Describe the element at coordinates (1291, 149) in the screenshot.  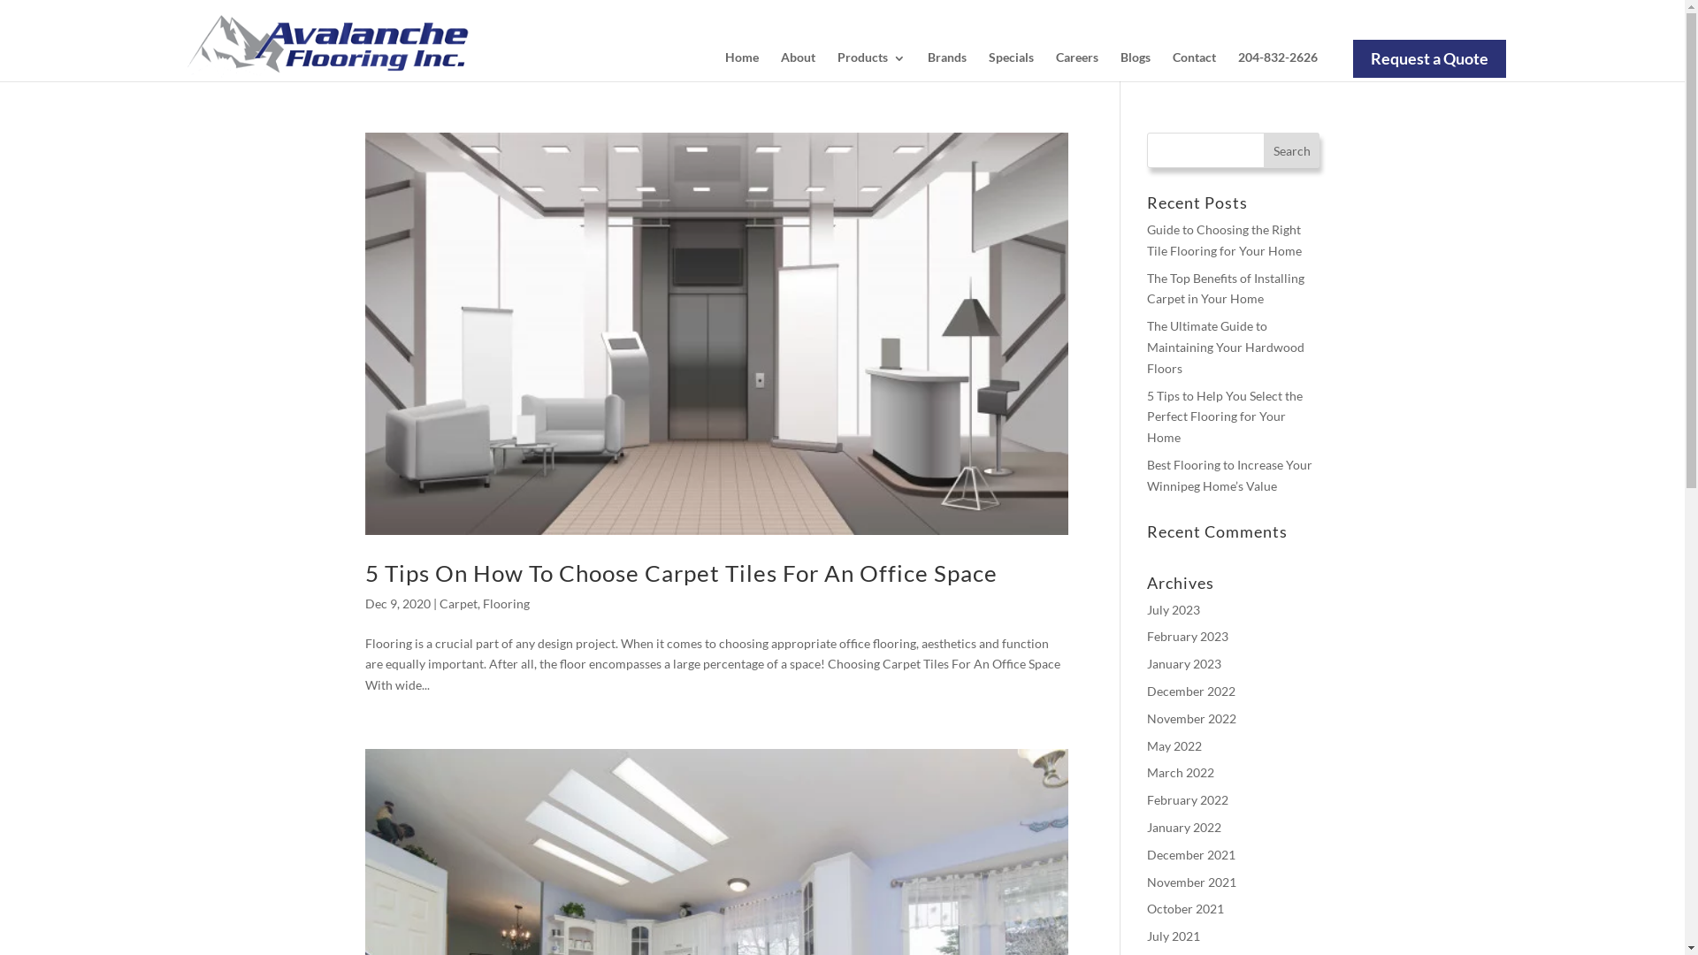
I see `'Search'` at that location.